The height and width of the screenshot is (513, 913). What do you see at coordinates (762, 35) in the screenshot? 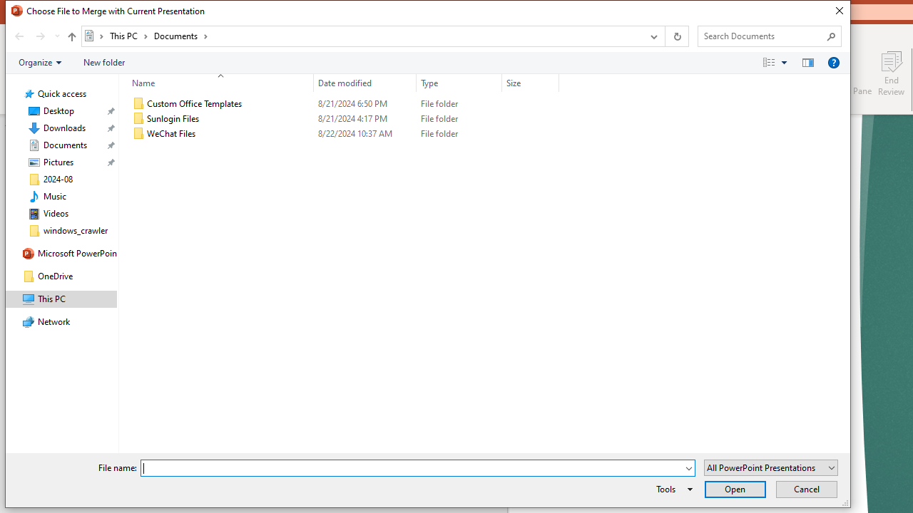
I see `'Search Box'` at bounding box center [762, 35].